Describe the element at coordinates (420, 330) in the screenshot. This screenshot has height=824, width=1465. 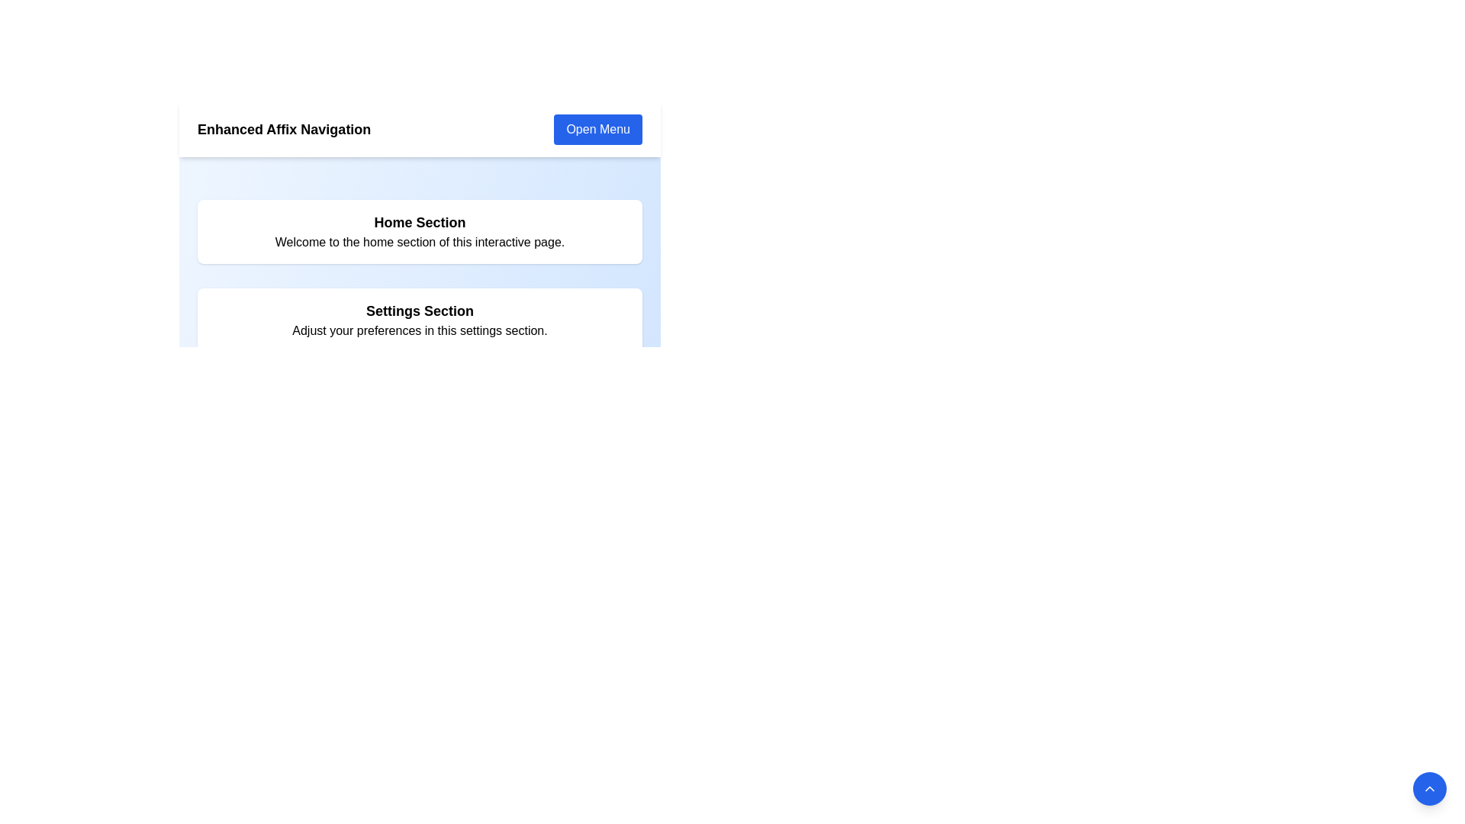
I see `the text element containing the sentence 'Adjust your preferences in this settings section.' located under the 'Settings Section' heading` at that location.